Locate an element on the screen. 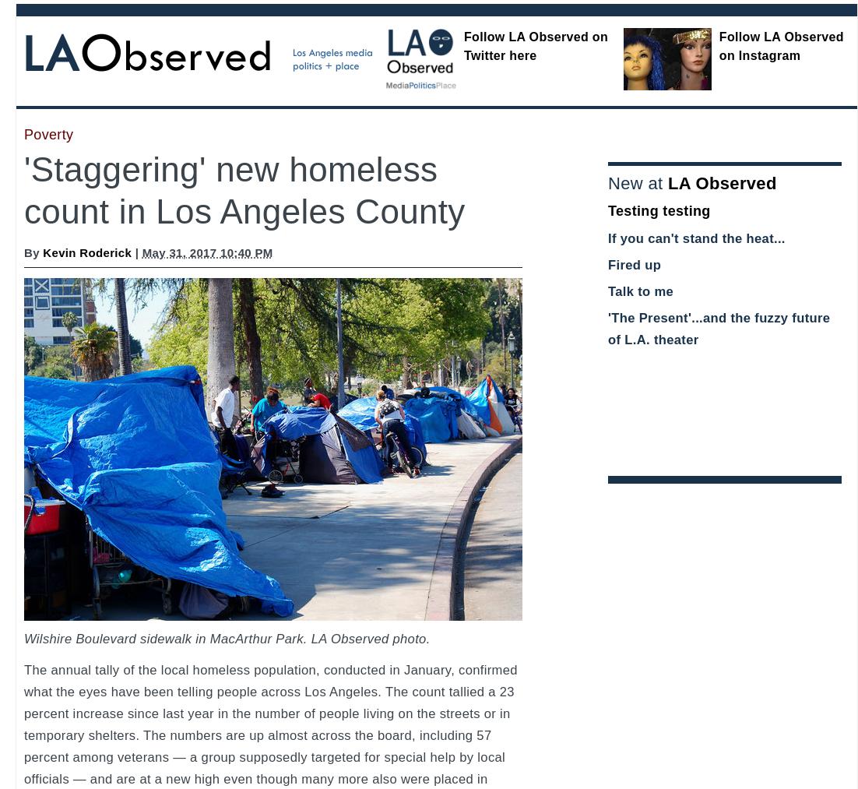  ''Staggering' new homeless count in Los Angeles County' is located at coordinates (244, 189).